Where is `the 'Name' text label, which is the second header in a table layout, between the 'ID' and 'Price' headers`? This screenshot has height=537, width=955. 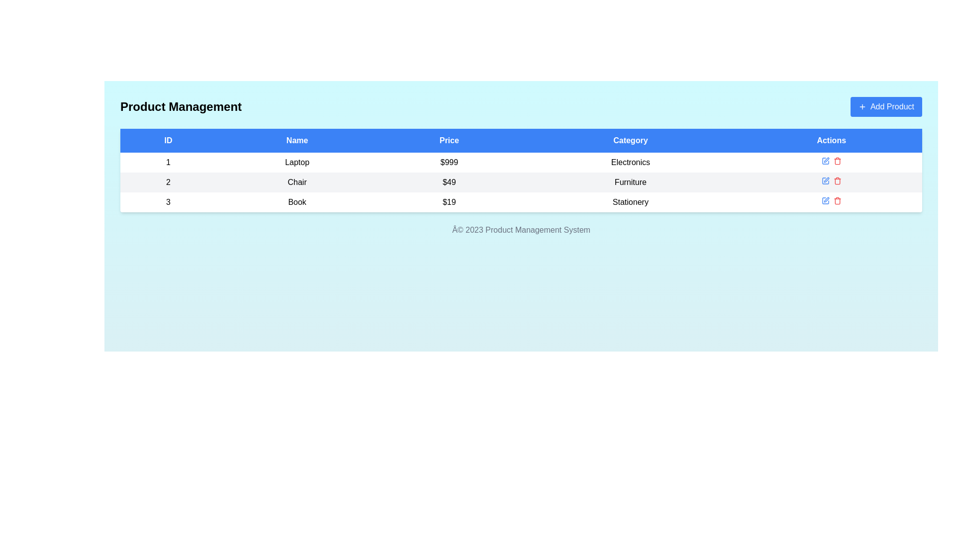 the 'Name' text label, which is the second header in a table layout, between the 'ID' and 'Price' headers is located at coordinates (296, 140).